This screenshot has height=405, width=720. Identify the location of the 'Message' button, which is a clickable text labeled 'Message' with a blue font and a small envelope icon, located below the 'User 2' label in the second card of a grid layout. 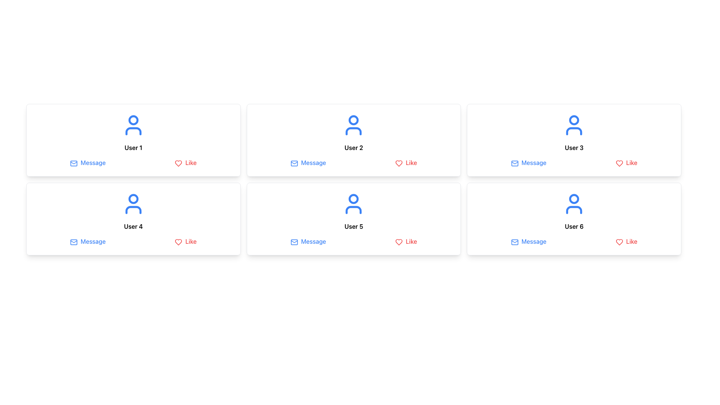
(308, 162).